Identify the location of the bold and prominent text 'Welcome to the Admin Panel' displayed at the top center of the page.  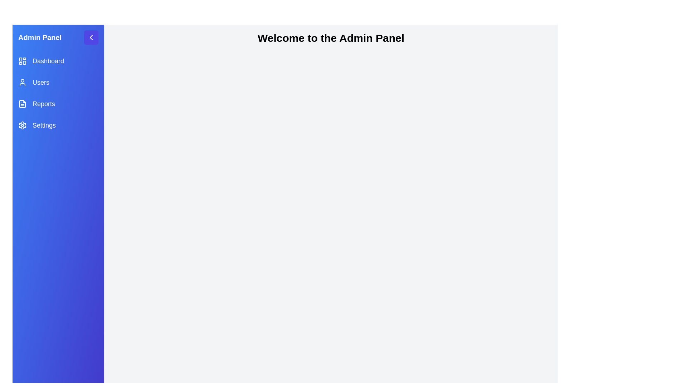
(331, 38).